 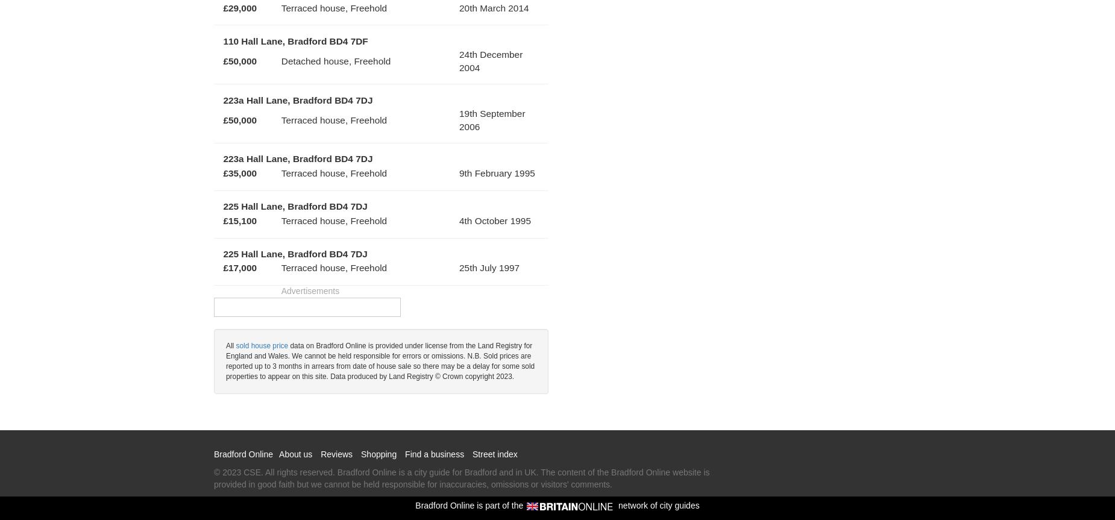 What do you see at coordinates (459, 7) in the screenshot?
I see `'20th March 2014'` at bounding box center [459, 7].